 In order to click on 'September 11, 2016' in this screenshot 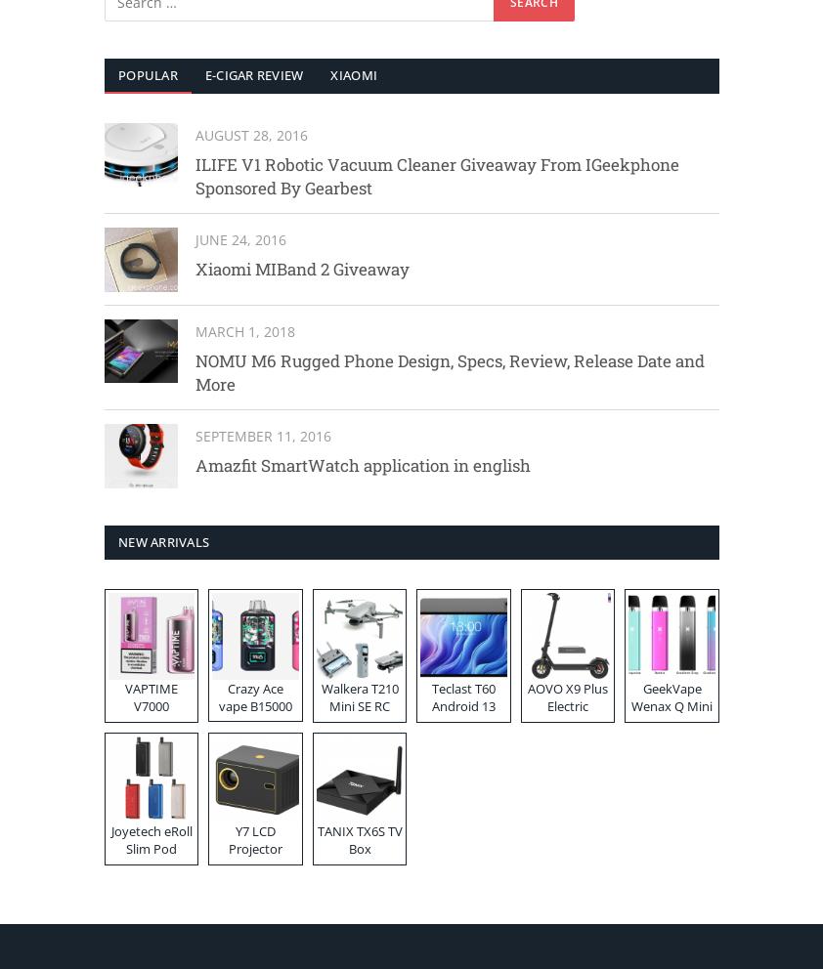, I will do `click(263, 435)`.